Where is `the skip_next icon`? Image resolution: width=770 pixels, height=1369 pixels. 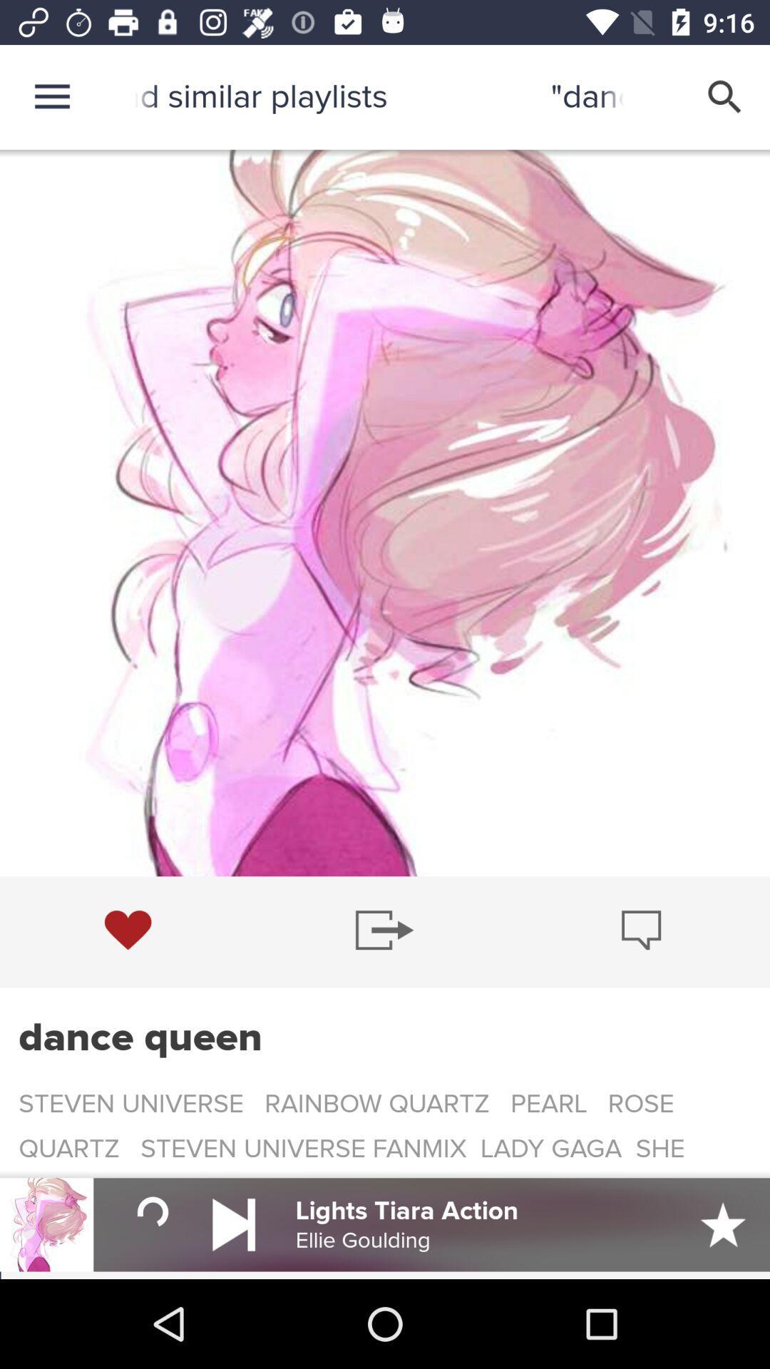 the skip_next icon is located at coordinates (233, 1224).